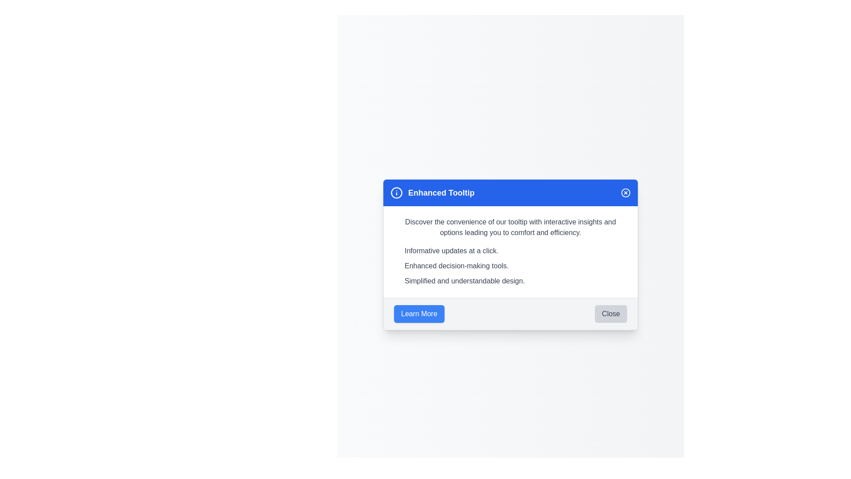 This screenshot has width=851, height=479. Describe the element at coordinates (610, 313) in the screenshot. I see `the close button located in the footer of the pop-up modal` at that location.